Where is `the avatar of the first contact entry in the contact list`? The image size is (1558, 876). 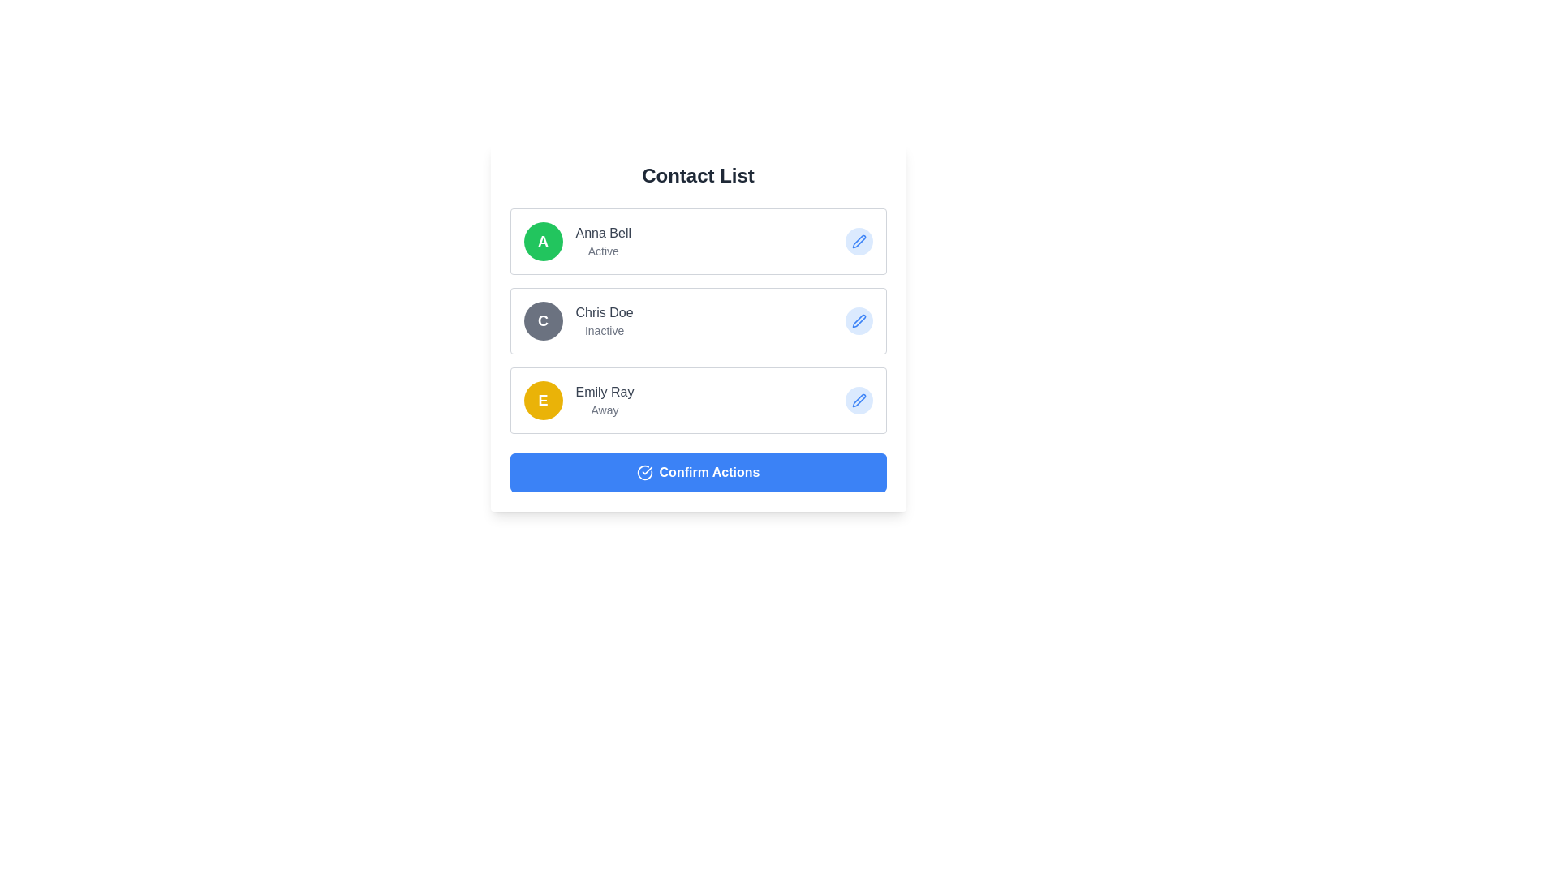
the avatar of the first contact entry in the contact list is located at coordinates (698, 241).